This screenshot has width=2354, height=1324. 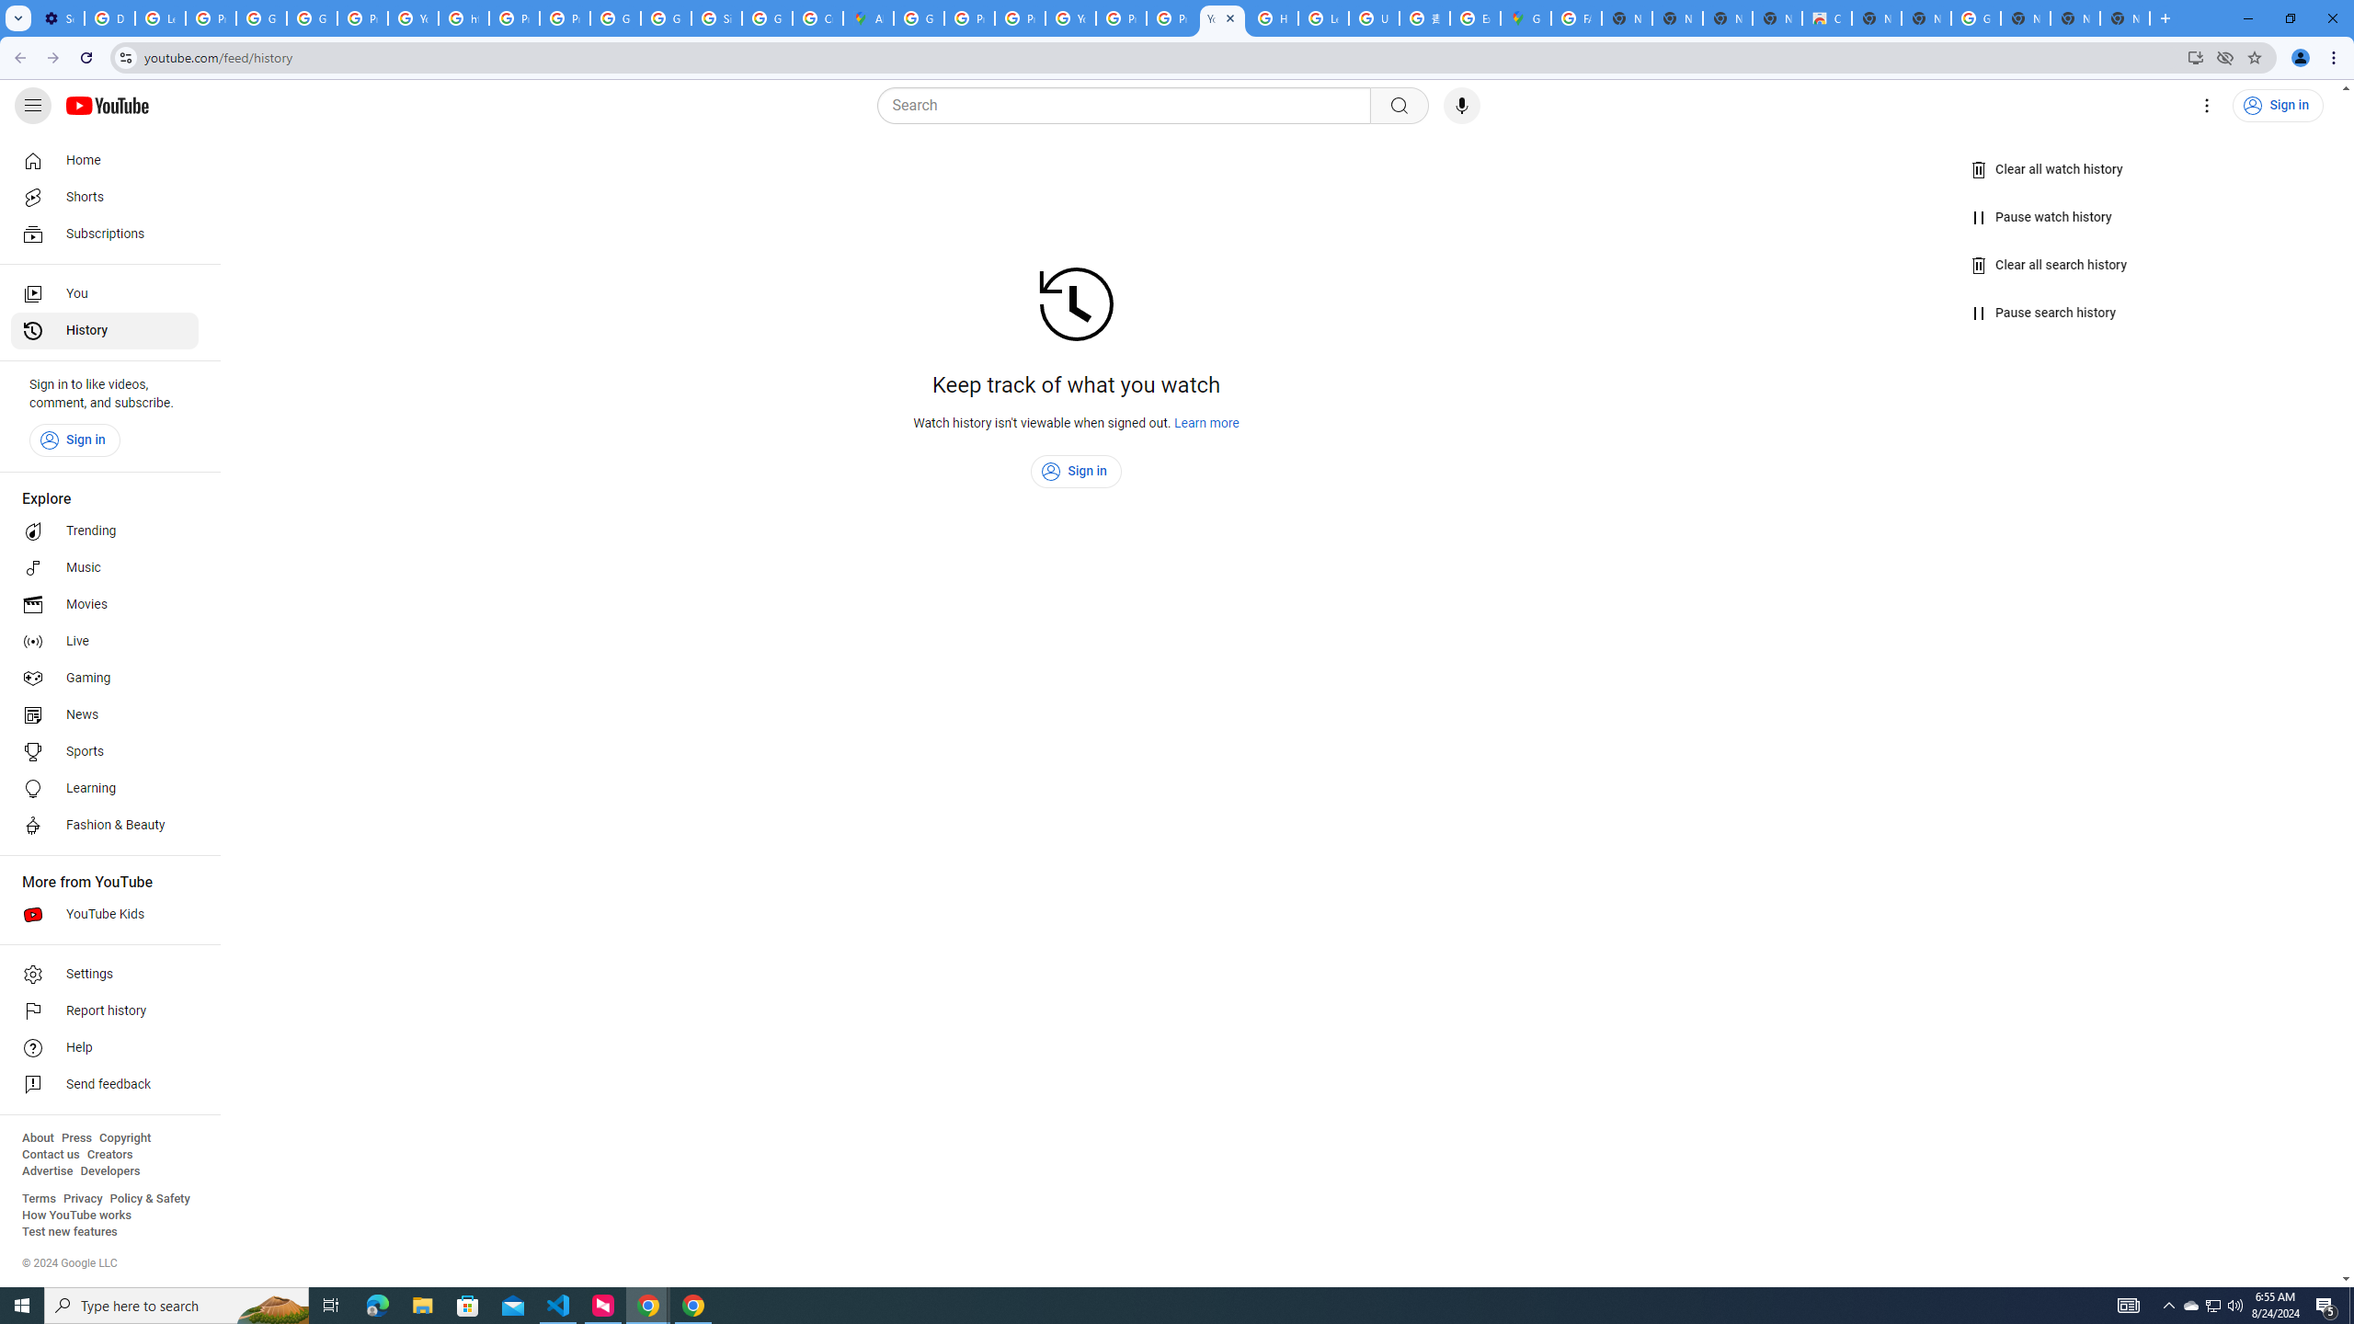 What do you see at coordinates (104, 677) in the screenshot?
I see `'Gaming'` at bounding box center [104, 677].